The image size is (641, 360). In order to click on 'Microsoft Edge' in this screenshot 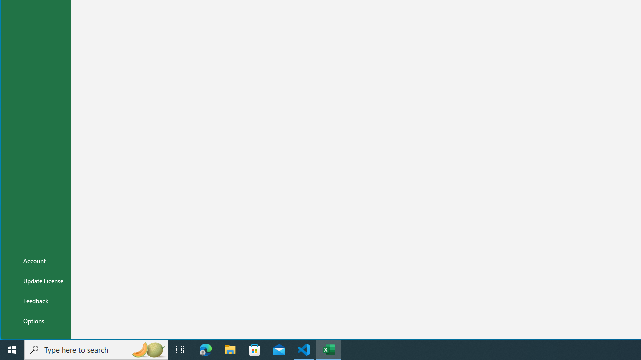, I will do `click(205, 349)`.